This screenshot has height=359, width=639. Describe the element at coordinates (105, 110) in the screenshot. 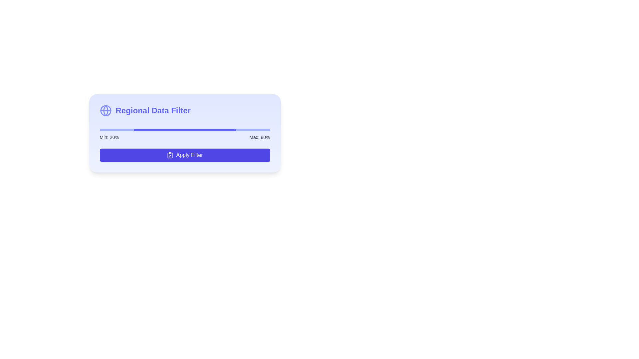

I see `the indigo globe icon located to the left of the 'Regional Data Filter' text in the header of the data filtering section` at that location.